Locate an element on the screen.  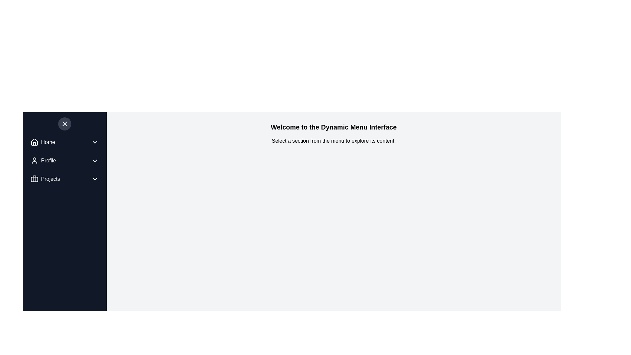
the bottom portion of the briefcase icon in the vertical navigation menu, which is located to the left of the text 'Projects' is located at coordinates (34, 179).